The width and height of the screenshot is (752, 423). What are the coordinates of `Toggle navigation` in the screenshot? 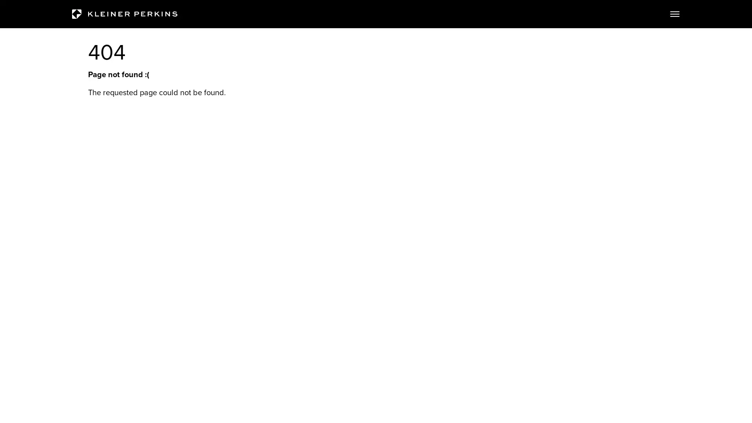 It's located at (674, 14).